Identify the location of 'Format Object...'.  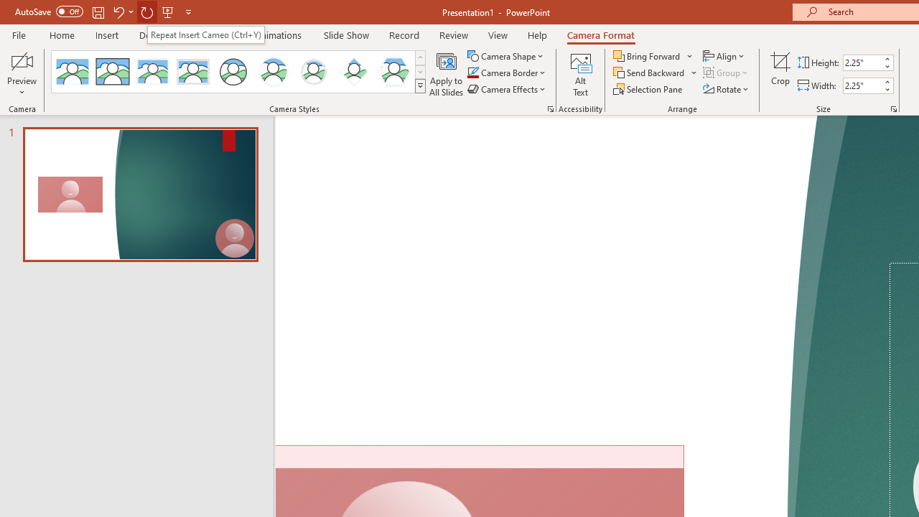
(549, 108).